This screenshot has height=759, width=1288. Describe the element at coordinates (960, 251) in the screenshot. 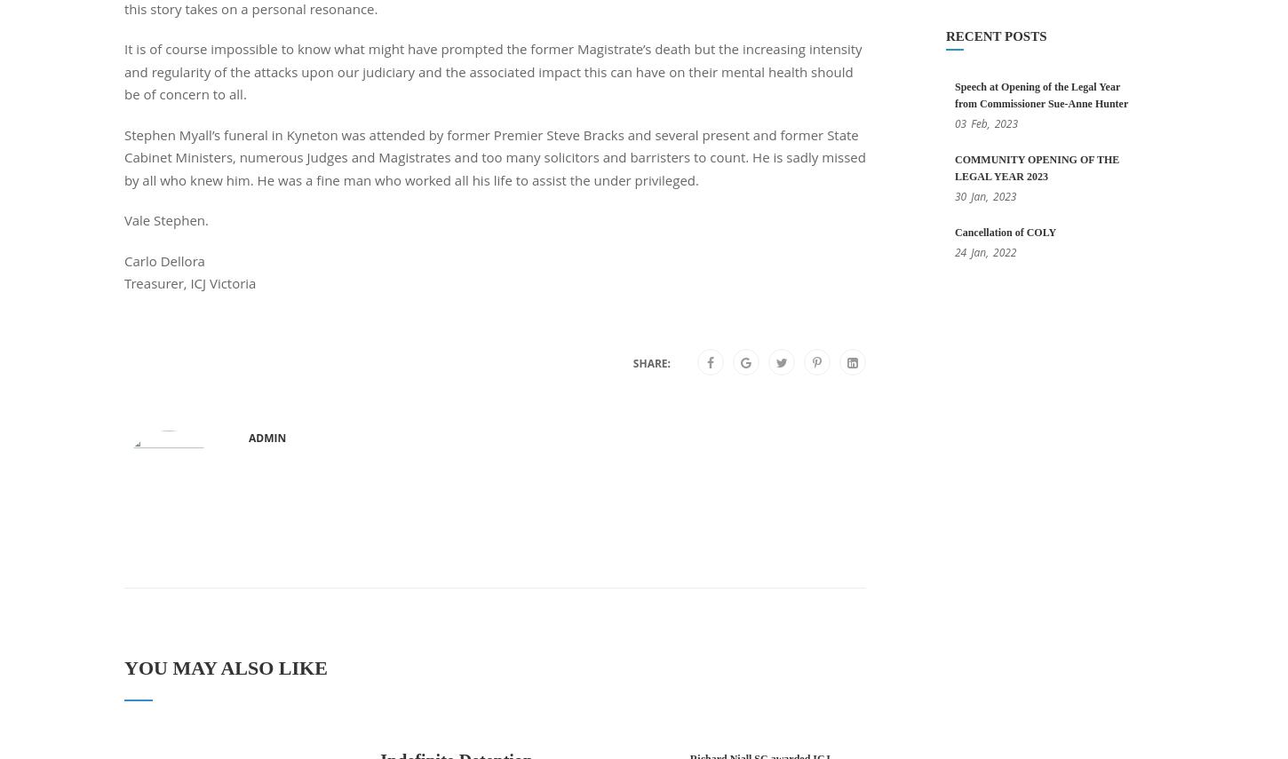

I see `'24'` at that location.